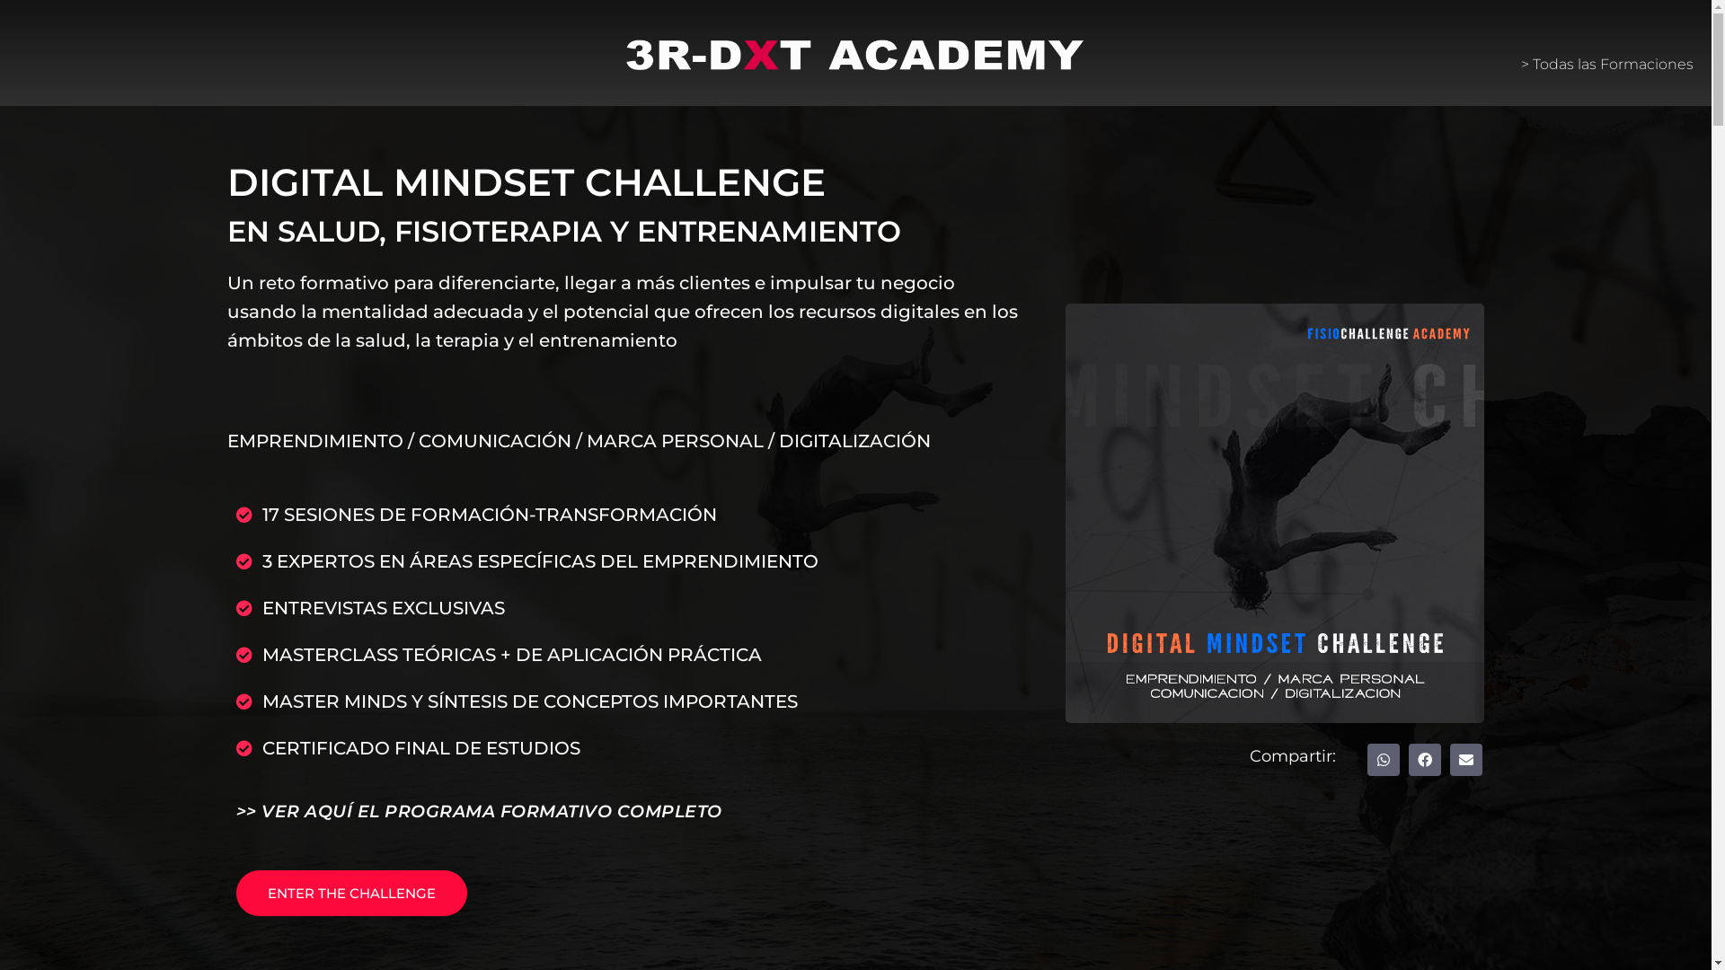  Describe the element at coordinates (1603, 64) in the screenshot. I see `'> Todas las Formaciones'` at that location.